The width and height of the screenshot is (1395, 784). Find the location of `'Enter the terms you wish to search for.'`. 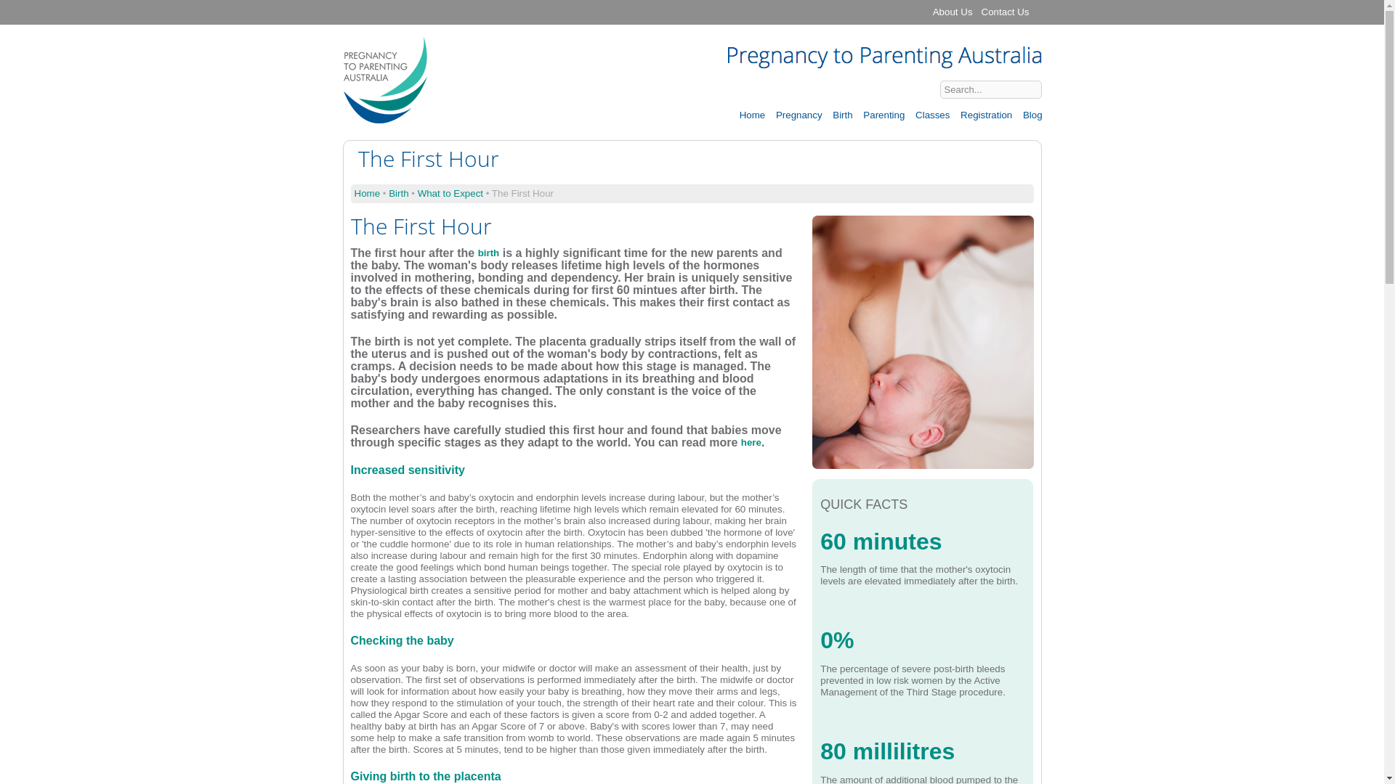

'Enter the terms you wish to search for.' is located at coordinates (990, 89).